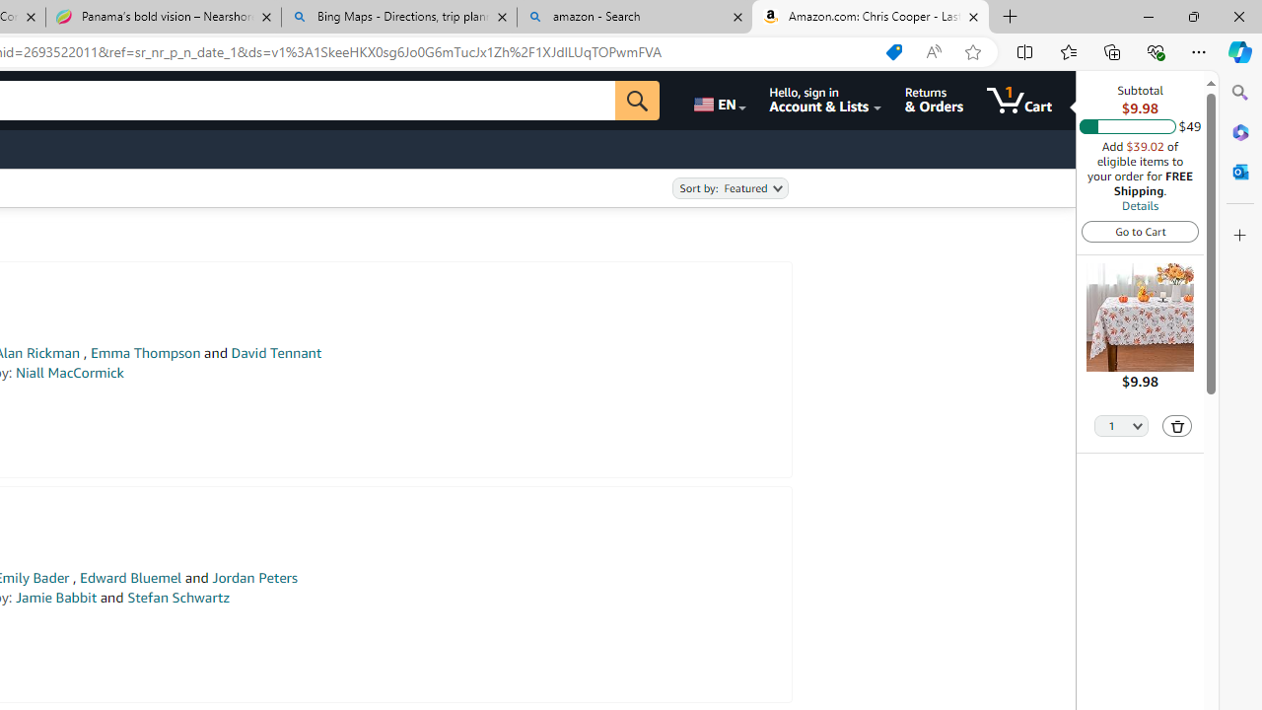 The width and height of the screenshot is (1262, 710). What do you see at coordinates (253, 577) in the screenshot?
I see `'Jordan Peters'` at bounding box center [253, 577].